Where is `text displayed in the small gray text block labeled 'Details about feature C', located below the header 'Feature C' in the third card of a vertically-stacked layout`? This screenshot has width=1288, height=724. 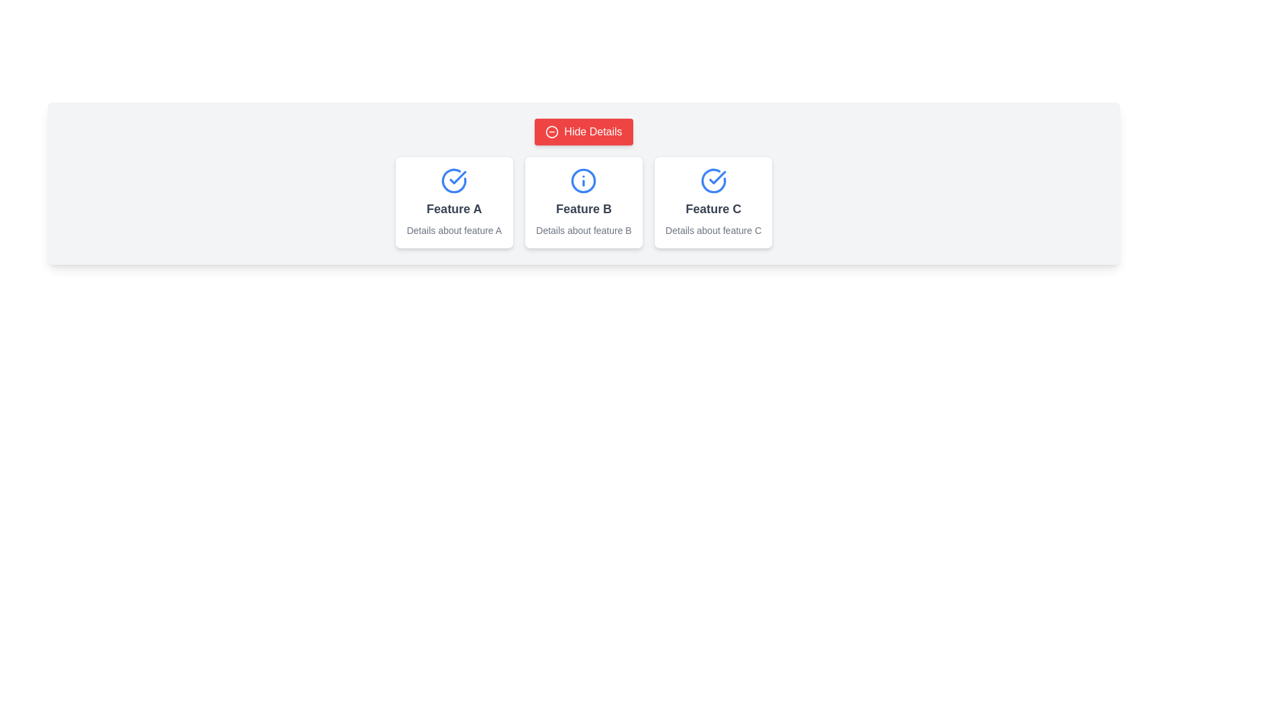
text displayed in the small gray text block labeled 'Details about feature C', located below the header 'Feature C' in the third card of a vertically-stacked layout is located at coordinates (712, 229).